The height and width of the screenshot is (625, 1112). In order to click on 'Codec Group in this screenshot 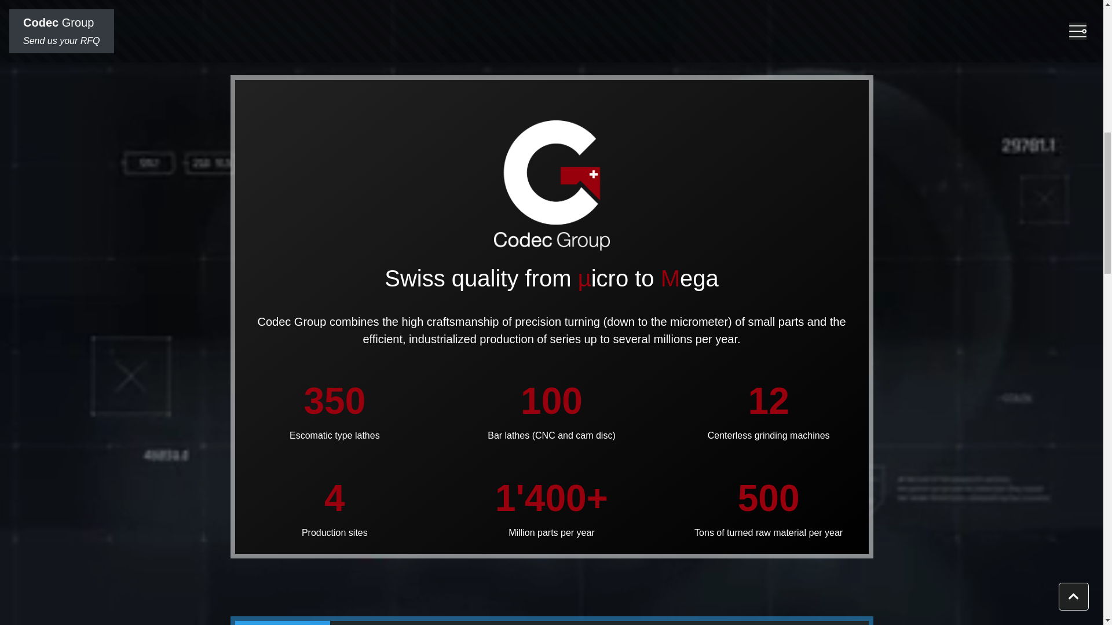, I will do `click(9, 31)`.